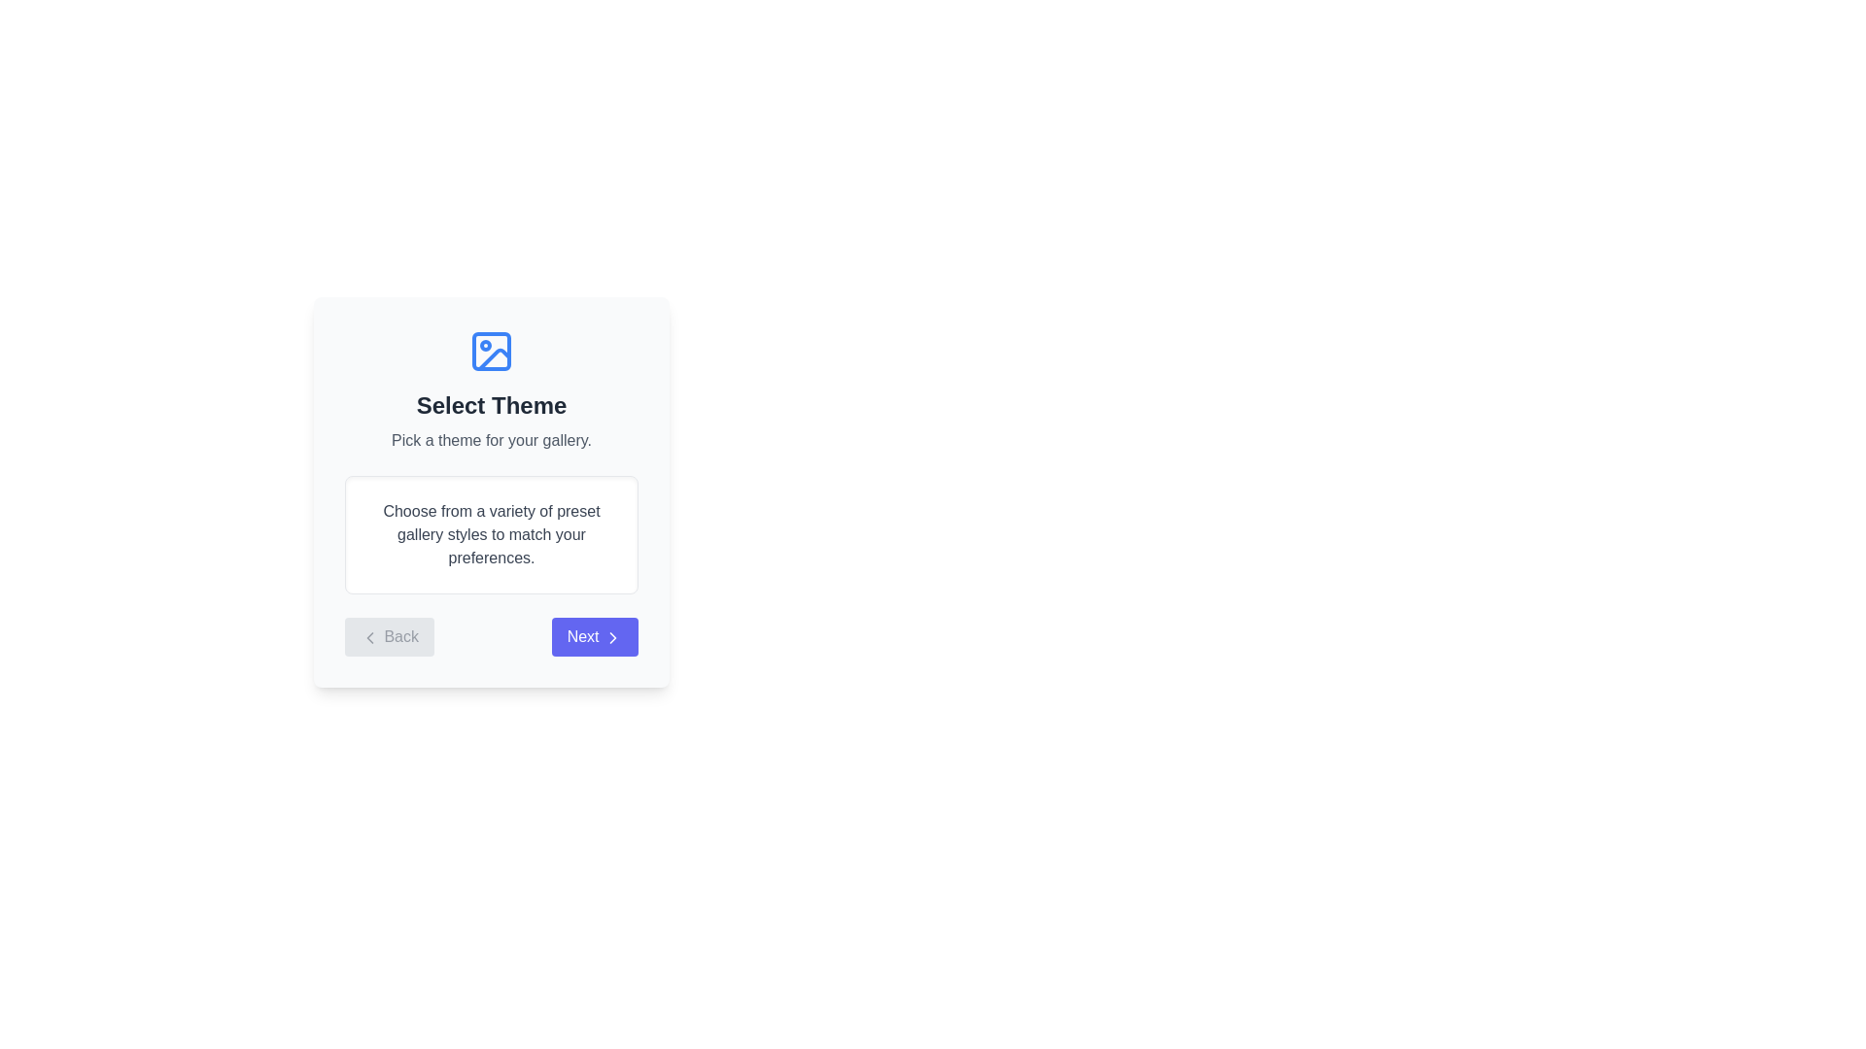 The height and width of the screenshot is (1049, 1866). What do you see at coordinates (593, 636) in the screenshot?
I see `the 'Next' button to navigate to the next step` at bounding box center [593, 636].